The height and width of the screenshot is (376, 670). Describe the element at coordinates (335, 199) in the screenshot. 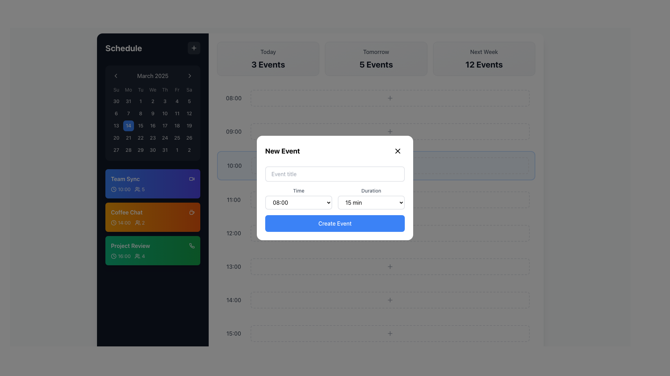

I see `an option from the dropdown menu in the 'New Event' form located at the center of the modal window` at that location.